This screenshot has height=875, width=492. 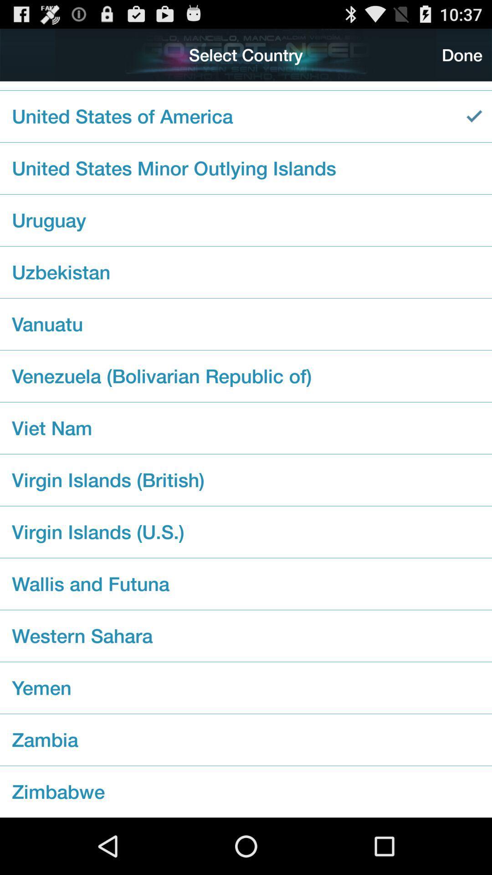 What do you see at coordinates (246, 220) in the screenshot?
I see `the uruguay icon` at bounding box center [246, 220].